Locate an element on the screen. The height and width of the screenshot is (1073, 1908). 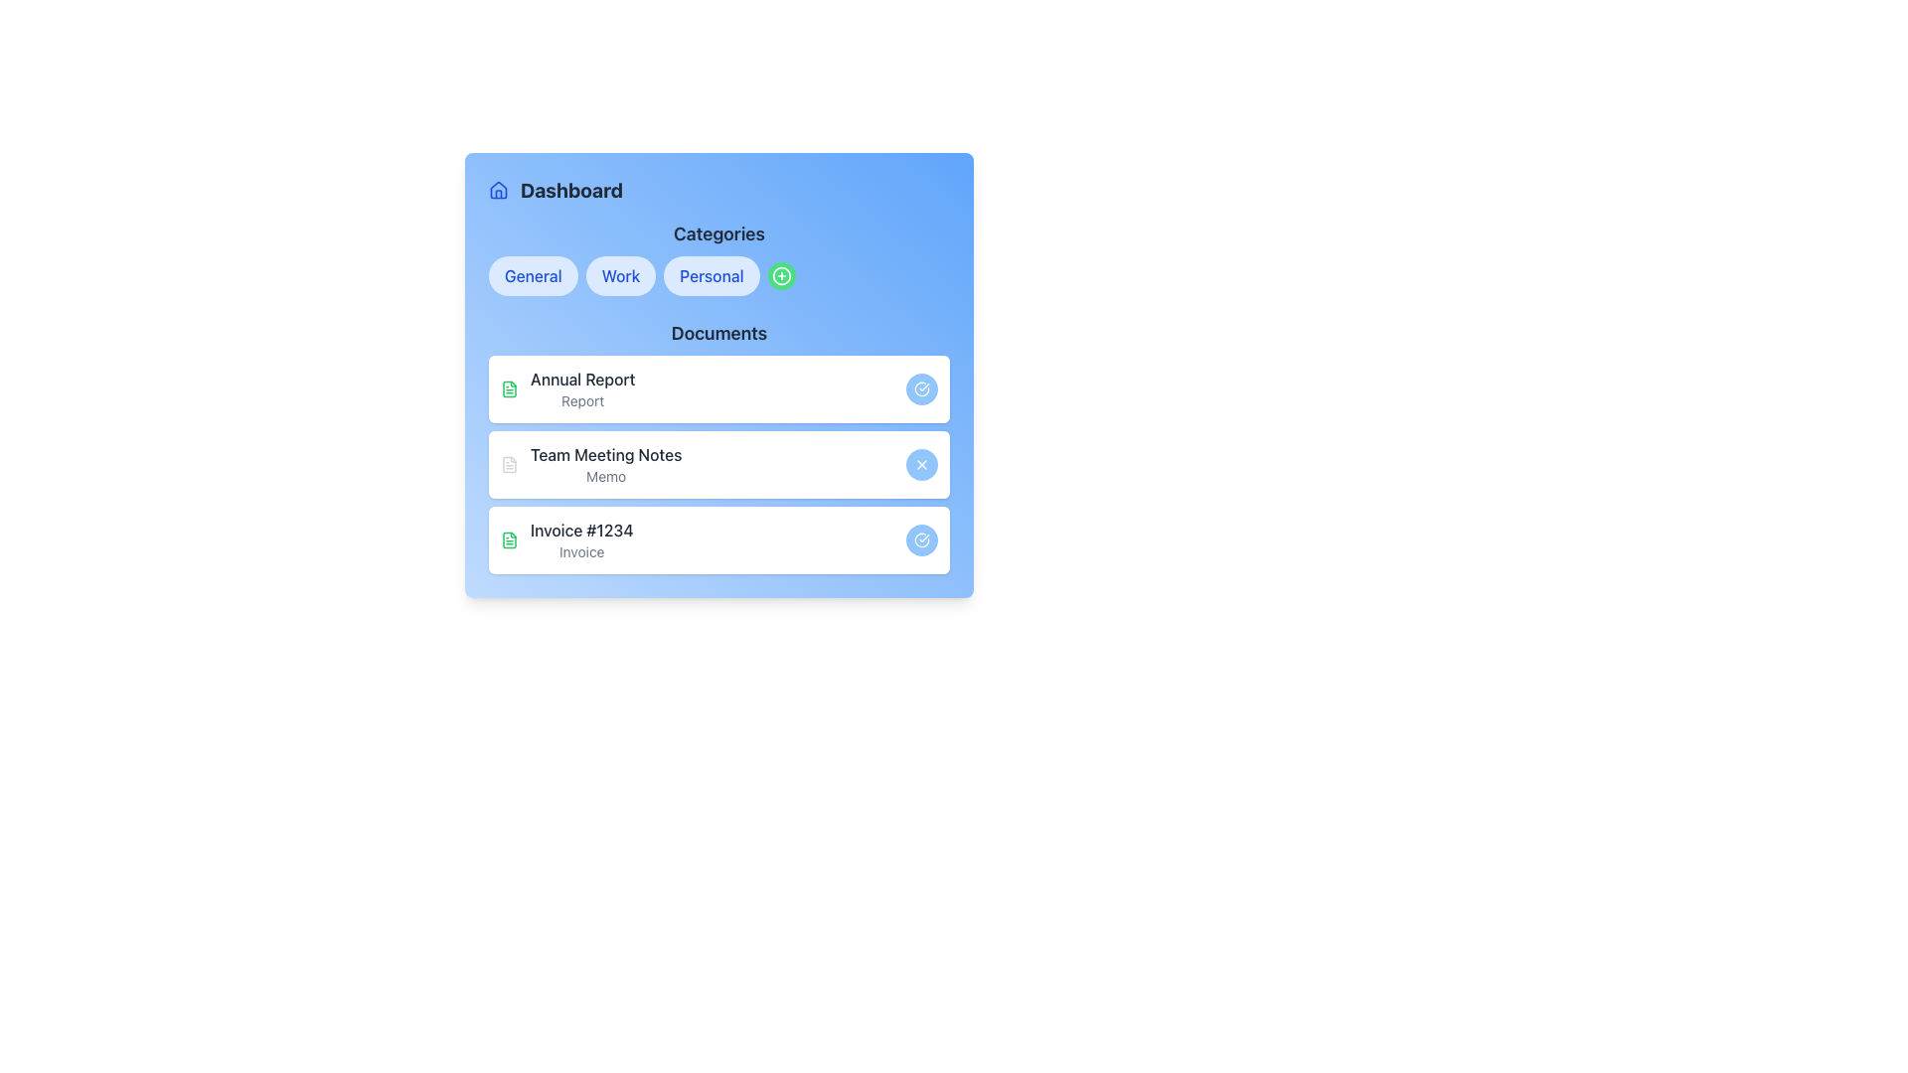
the 'Categories' text element, which is displayed in bold black font on a light blue background, located near the top-center of the interface is located at coordinates (718, 232).